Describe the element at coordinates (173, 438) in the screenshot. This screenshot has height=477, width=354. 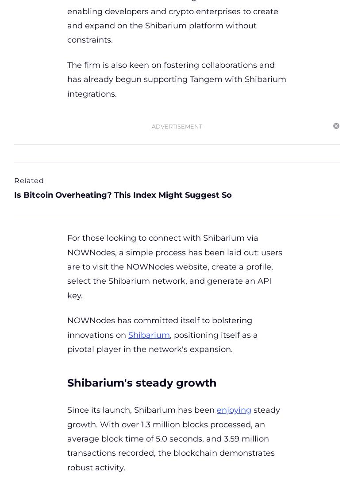
I see `'steady growth. With over 1.3 million blocks processed, an average block time of 5.0 seconds, and 3.59 million transactions recorded, the blockchain demonstrates robust activity.'` at that location.